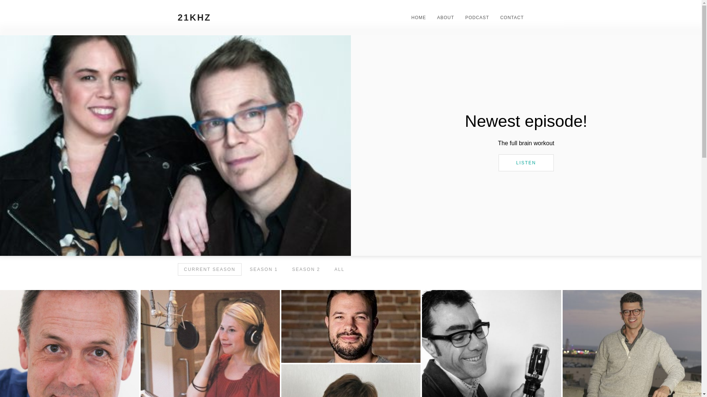 This screenshot has height=397, width=707. Describe the element at coordinates (526, 162) in the screenshot. I see `'LISTEN'` at that location.